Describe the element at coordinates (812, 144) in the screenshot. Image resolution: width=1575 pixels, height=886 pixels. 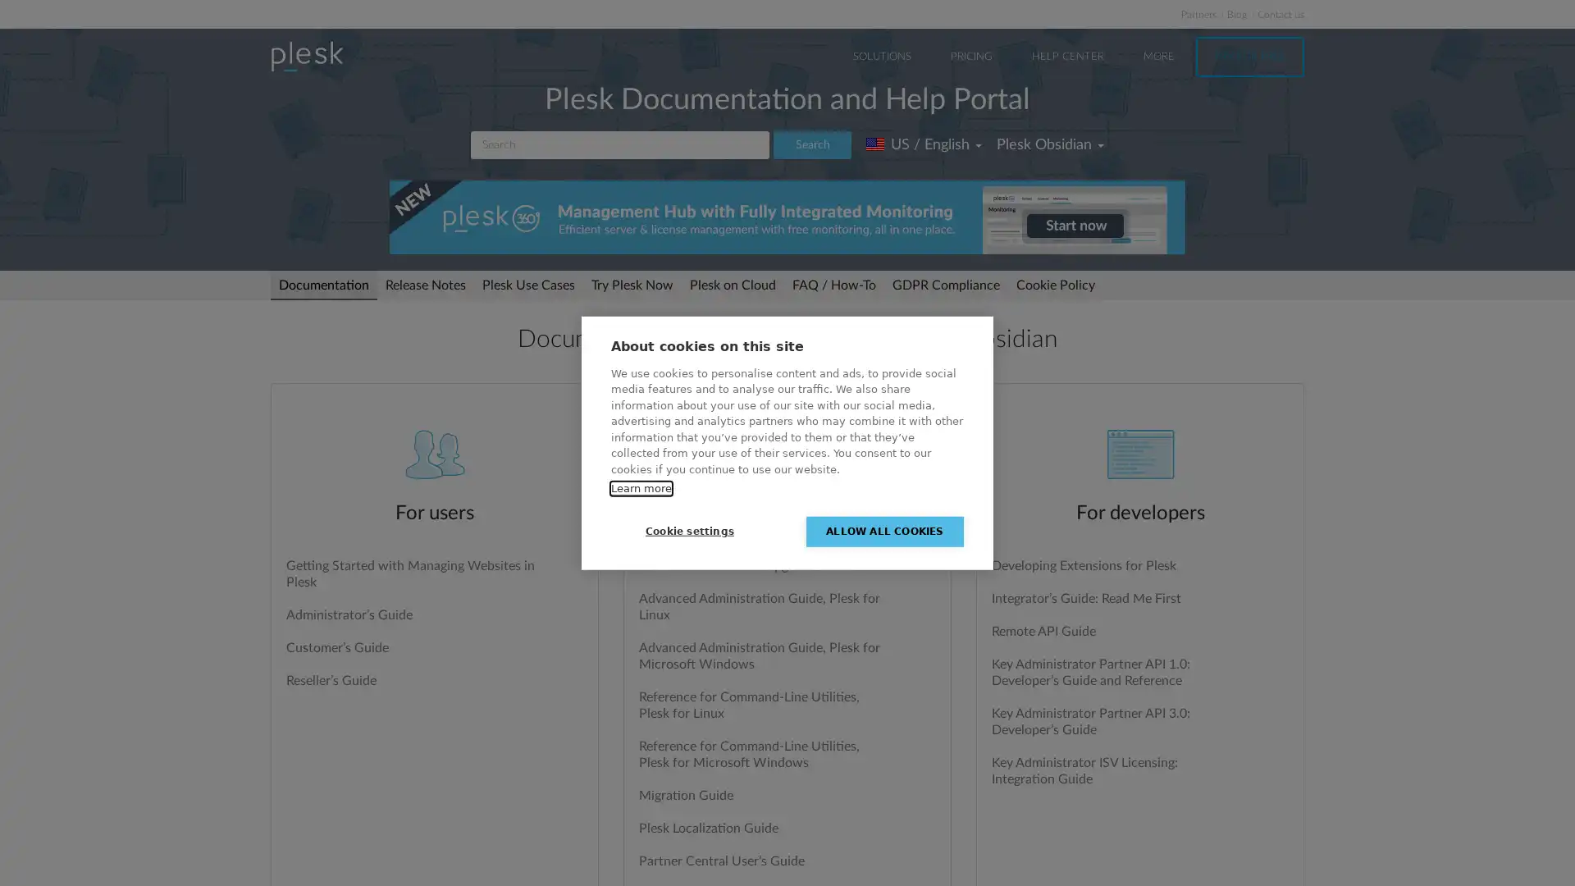
I see `Search` at that location.